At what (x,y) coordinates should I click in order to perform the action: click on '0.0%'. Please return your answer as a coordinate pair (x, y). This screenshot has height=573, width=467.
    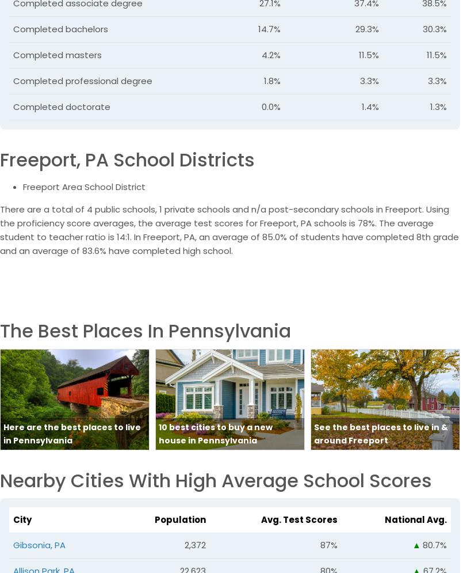
    Looking at the image, I should click on (261, 106).